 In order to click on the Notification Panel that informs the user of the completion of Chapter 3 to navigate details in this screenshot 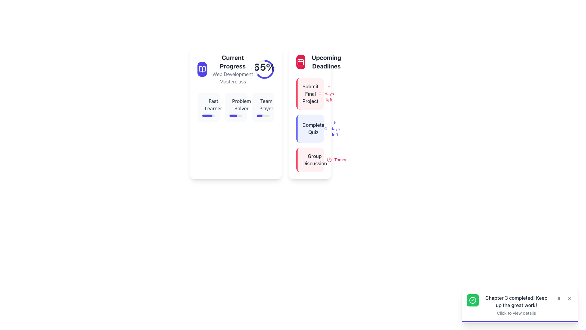, I will do `click(520, 305)`.